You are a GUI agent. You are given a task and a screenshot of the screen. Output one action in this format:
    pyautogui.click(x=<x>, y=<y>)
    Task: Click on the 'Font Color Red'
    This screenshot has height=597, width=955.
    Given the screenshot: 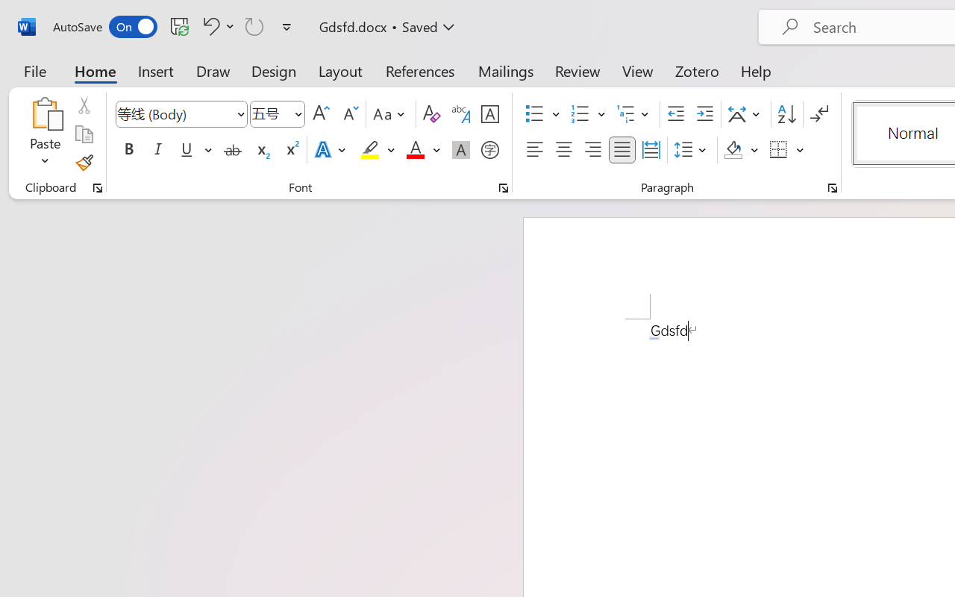 What is the action you would take?
    pyautogui.click(x=415, y=150)
    